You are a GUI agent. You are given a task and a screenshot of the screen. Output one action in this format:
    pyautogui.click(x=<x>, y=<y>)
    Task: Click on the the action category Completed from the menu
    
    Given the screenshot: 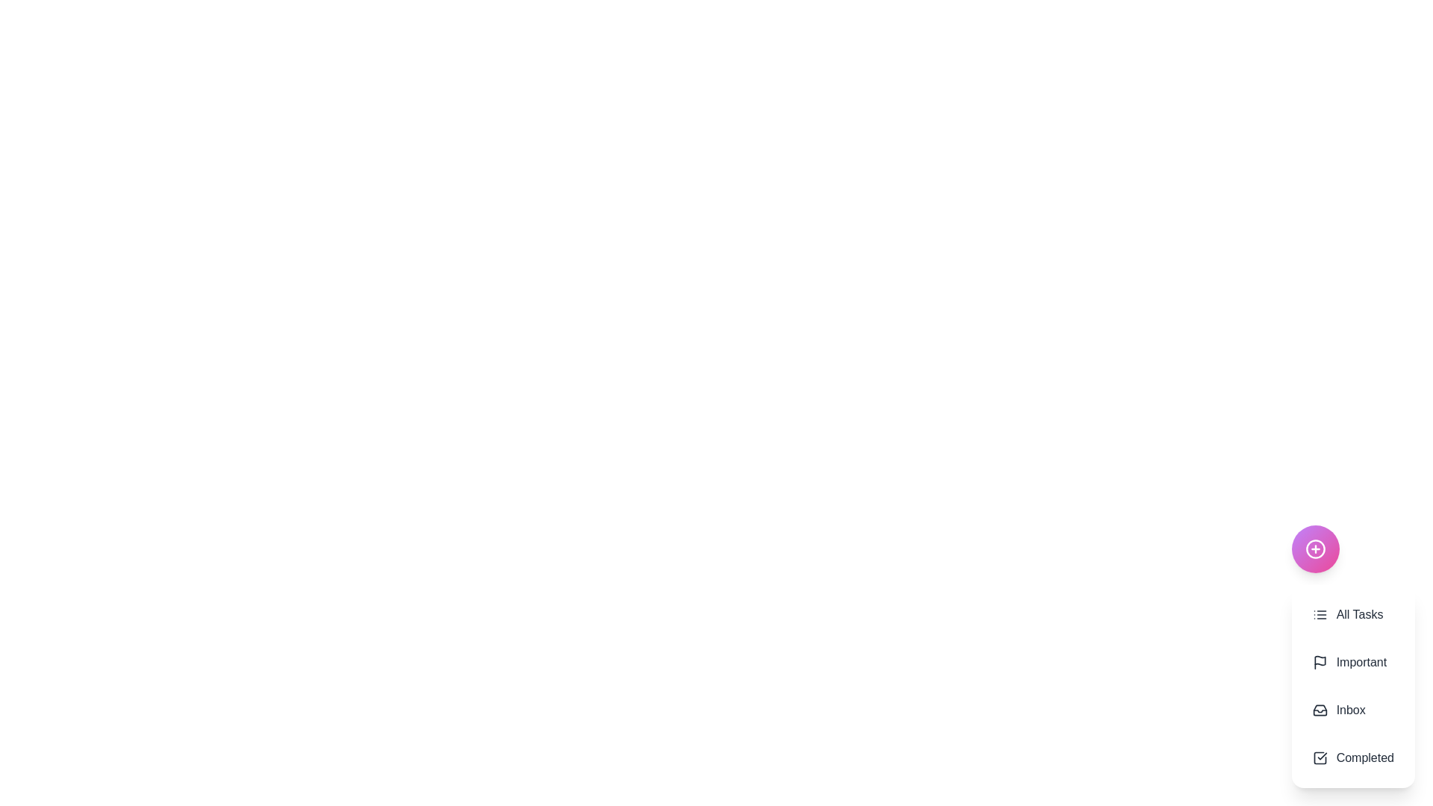 What is the action you would take?
    pyautogui.click(x=1353, y=757)
    